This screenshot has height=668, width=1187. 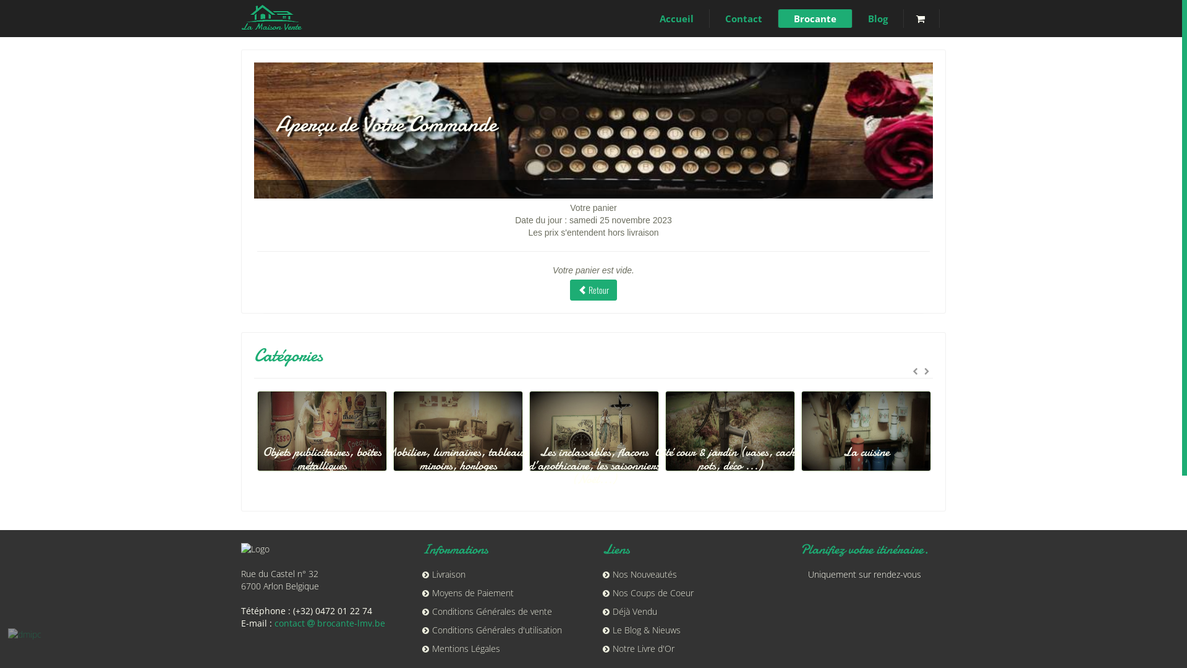 What do you see at coordinates (638, 648) in the screenshot?
I see `'Notre Livre d'Or'` at bounding box center [638, 648].